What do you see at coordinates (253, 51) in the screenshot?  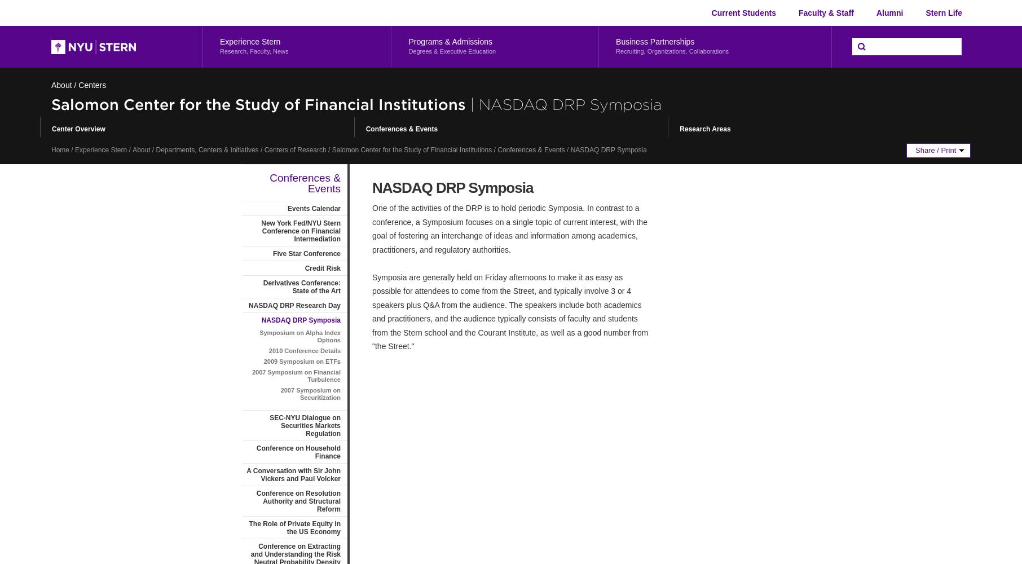 I see `'Research, Faculty, News'` at bounding box center [253, 51].